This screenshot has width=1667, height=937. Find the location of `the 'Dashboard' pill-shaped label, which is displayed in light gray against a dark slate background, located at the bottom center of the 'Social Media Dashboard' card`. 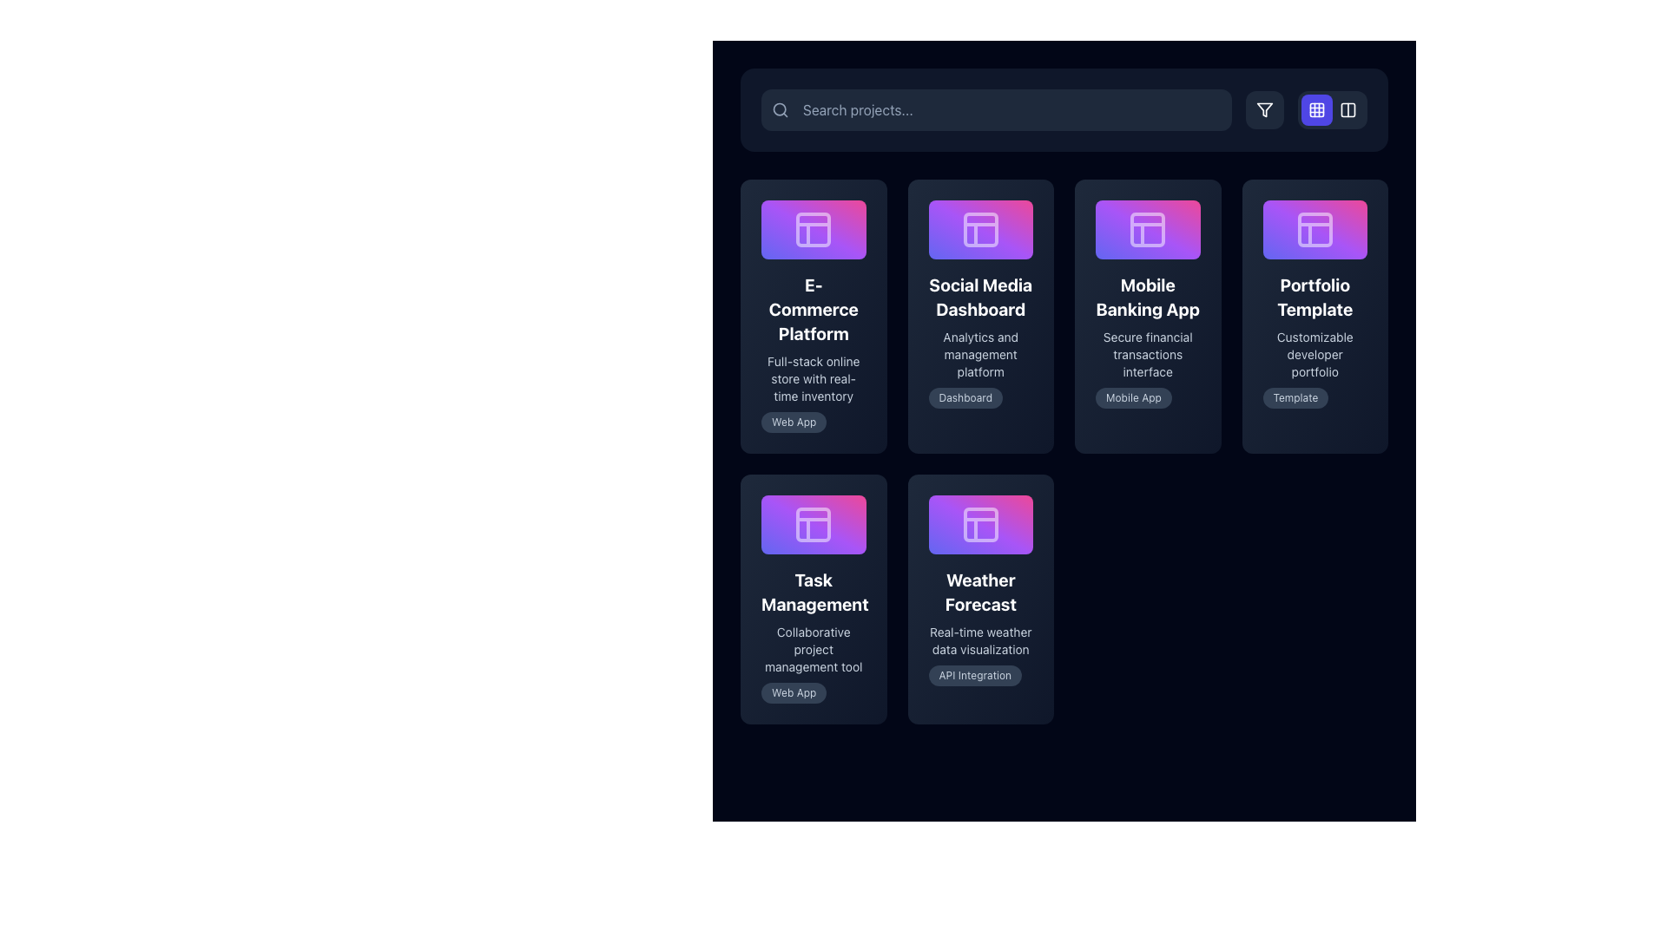

the 'Dashboard' pill-shaped label, which is displayed in light gray against a dark slate background, located at the bottom center of the 'Social Media Dashboard' card is located at coordinates (965, 397).